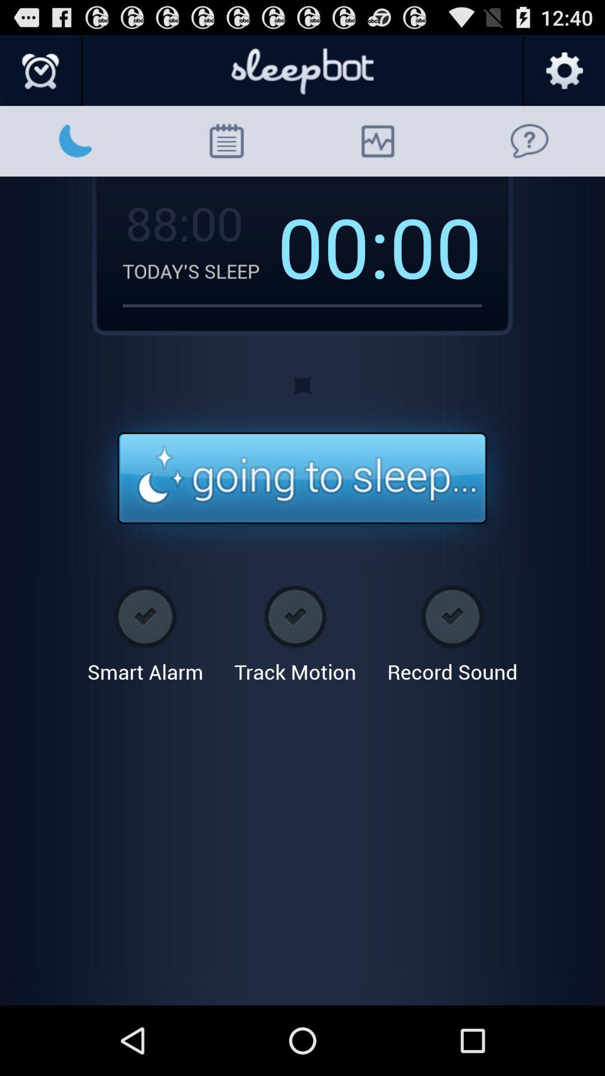 This screenshot has height=1076, width=605. What do you see at coordinates (40, 76) in the screenshot?
I see `the time icon` at bounding box center [40, 76].